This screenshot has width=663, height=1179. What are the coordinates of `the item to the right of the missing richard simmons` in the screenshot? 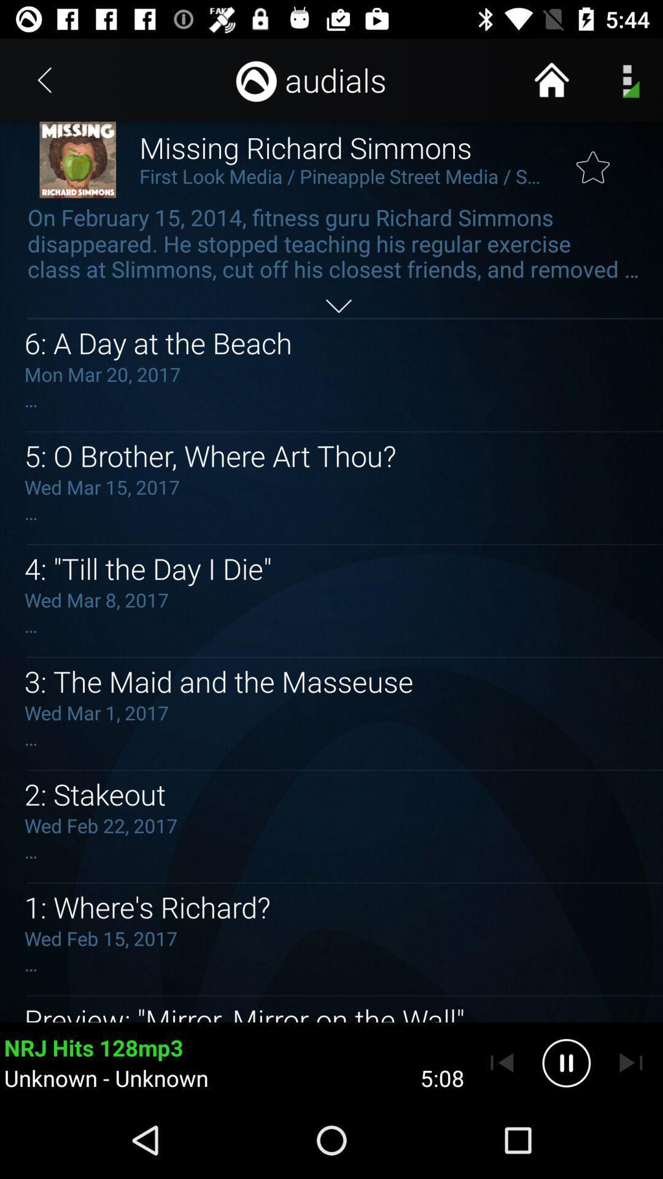 It's located at (592, 159).